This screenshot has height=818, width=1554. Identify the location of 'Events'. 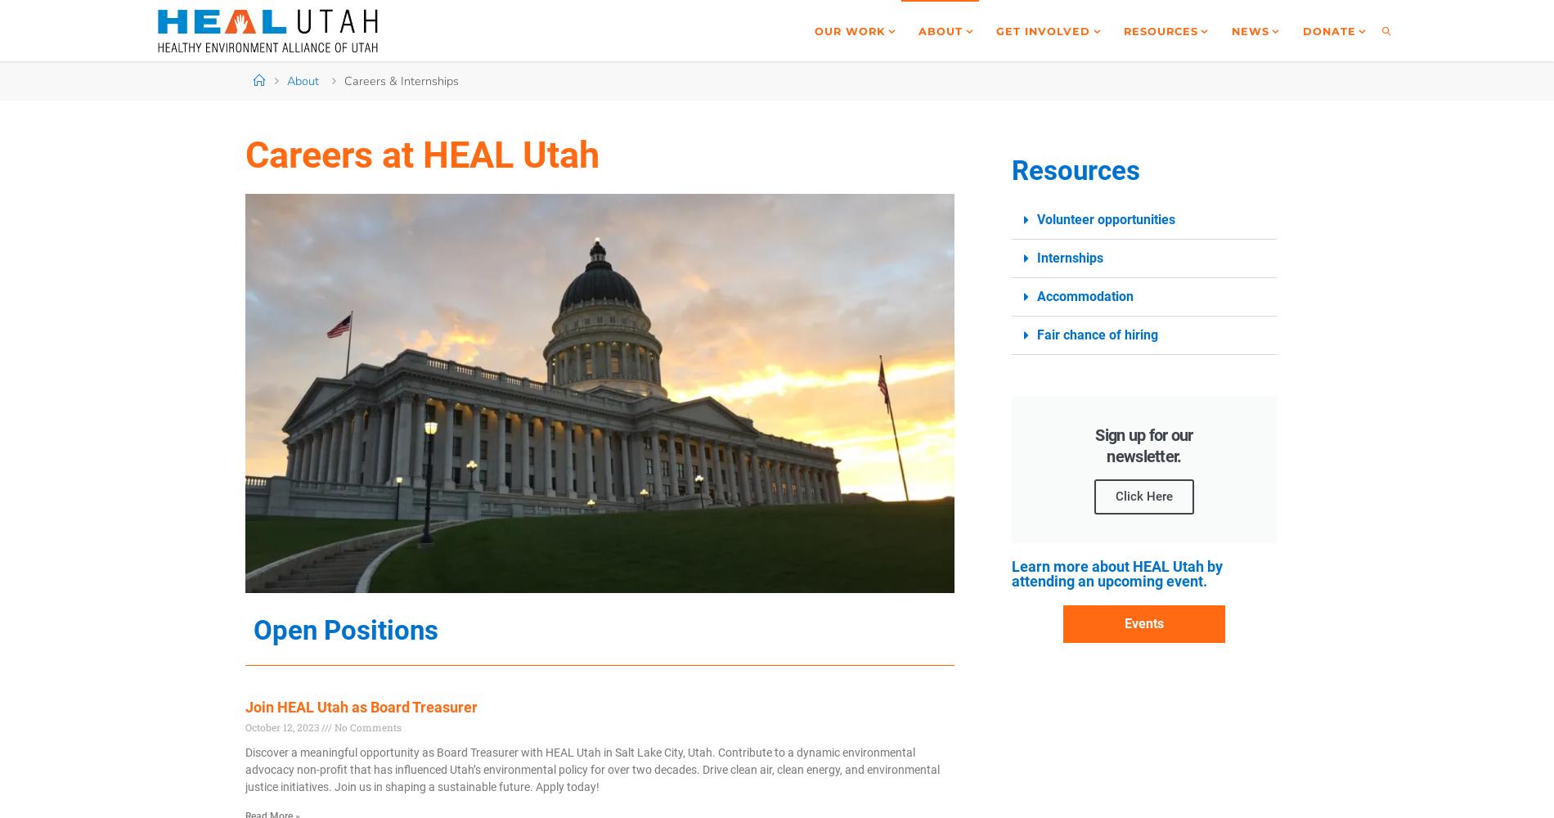
(1143, 623).